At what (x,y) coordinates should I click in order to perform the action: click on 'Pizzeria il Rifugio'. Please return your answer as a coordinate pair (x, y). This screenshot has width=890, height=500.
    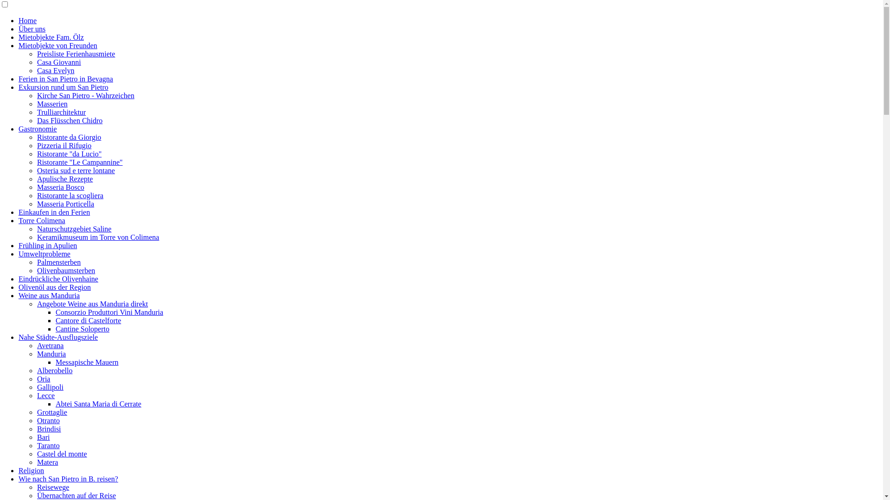
    Looking at the image, I should click on (37, 145).